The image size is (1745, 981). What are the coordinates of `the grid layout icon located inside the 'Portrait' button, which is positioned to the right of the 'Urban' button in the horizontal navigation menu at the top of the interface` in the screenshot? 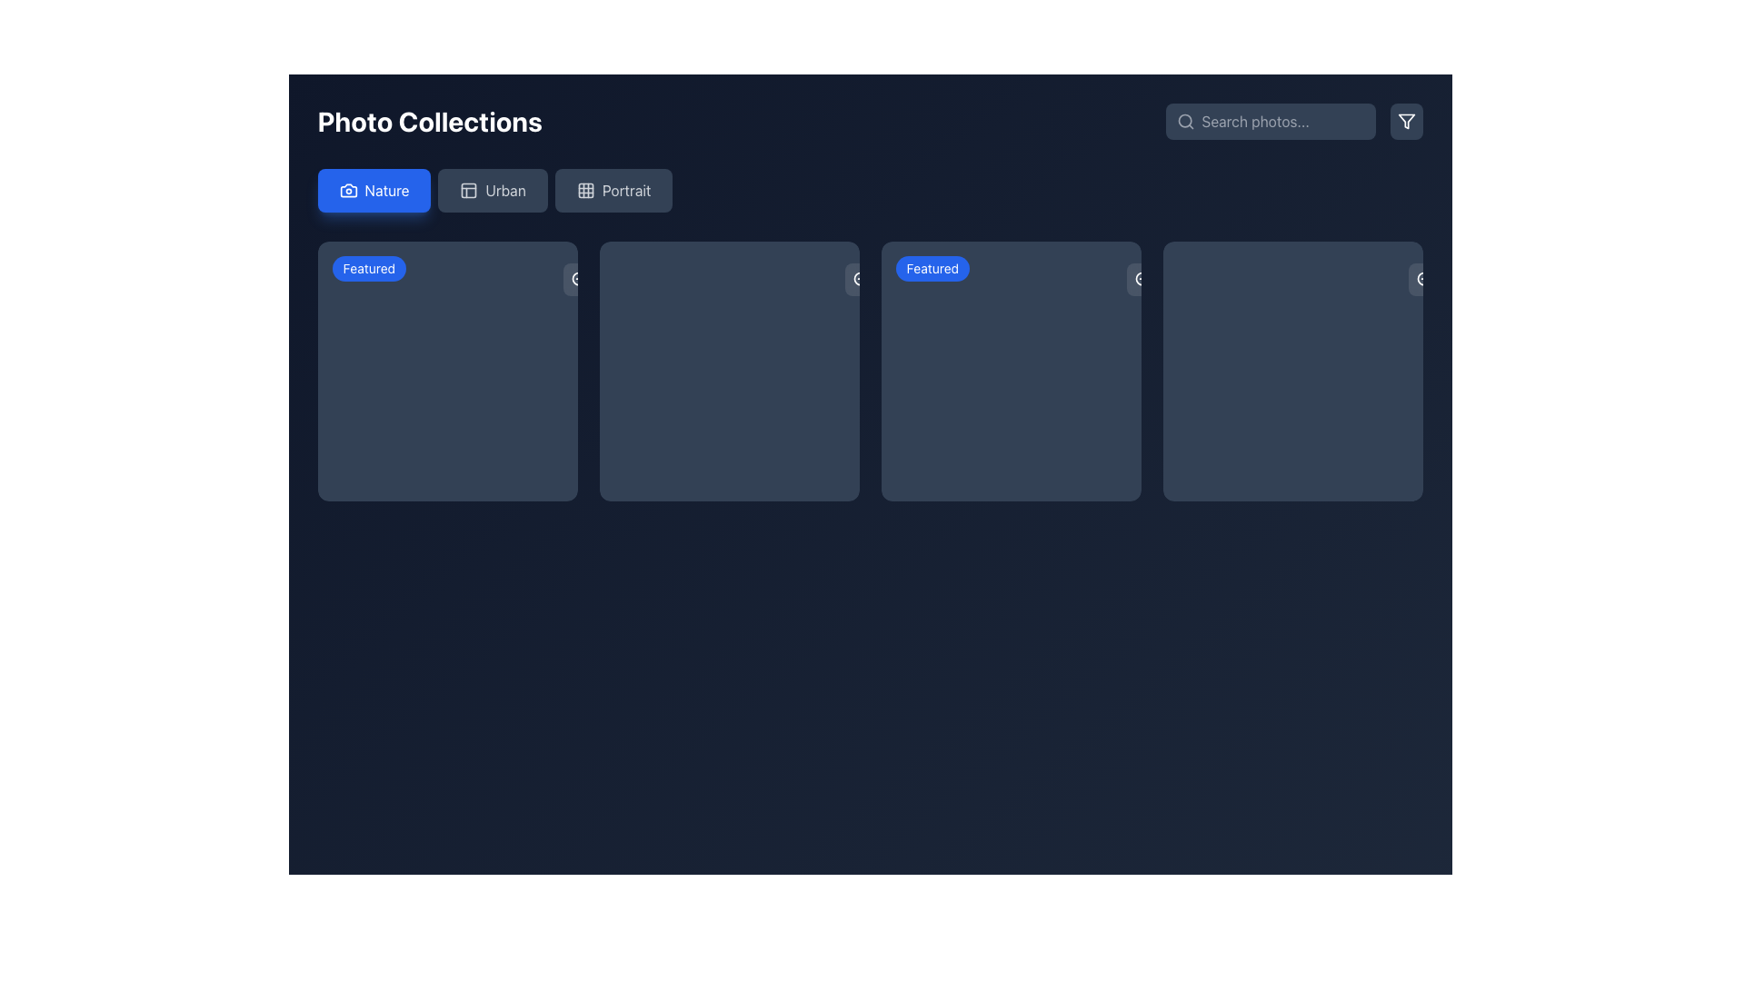 It's located at (585, 190).